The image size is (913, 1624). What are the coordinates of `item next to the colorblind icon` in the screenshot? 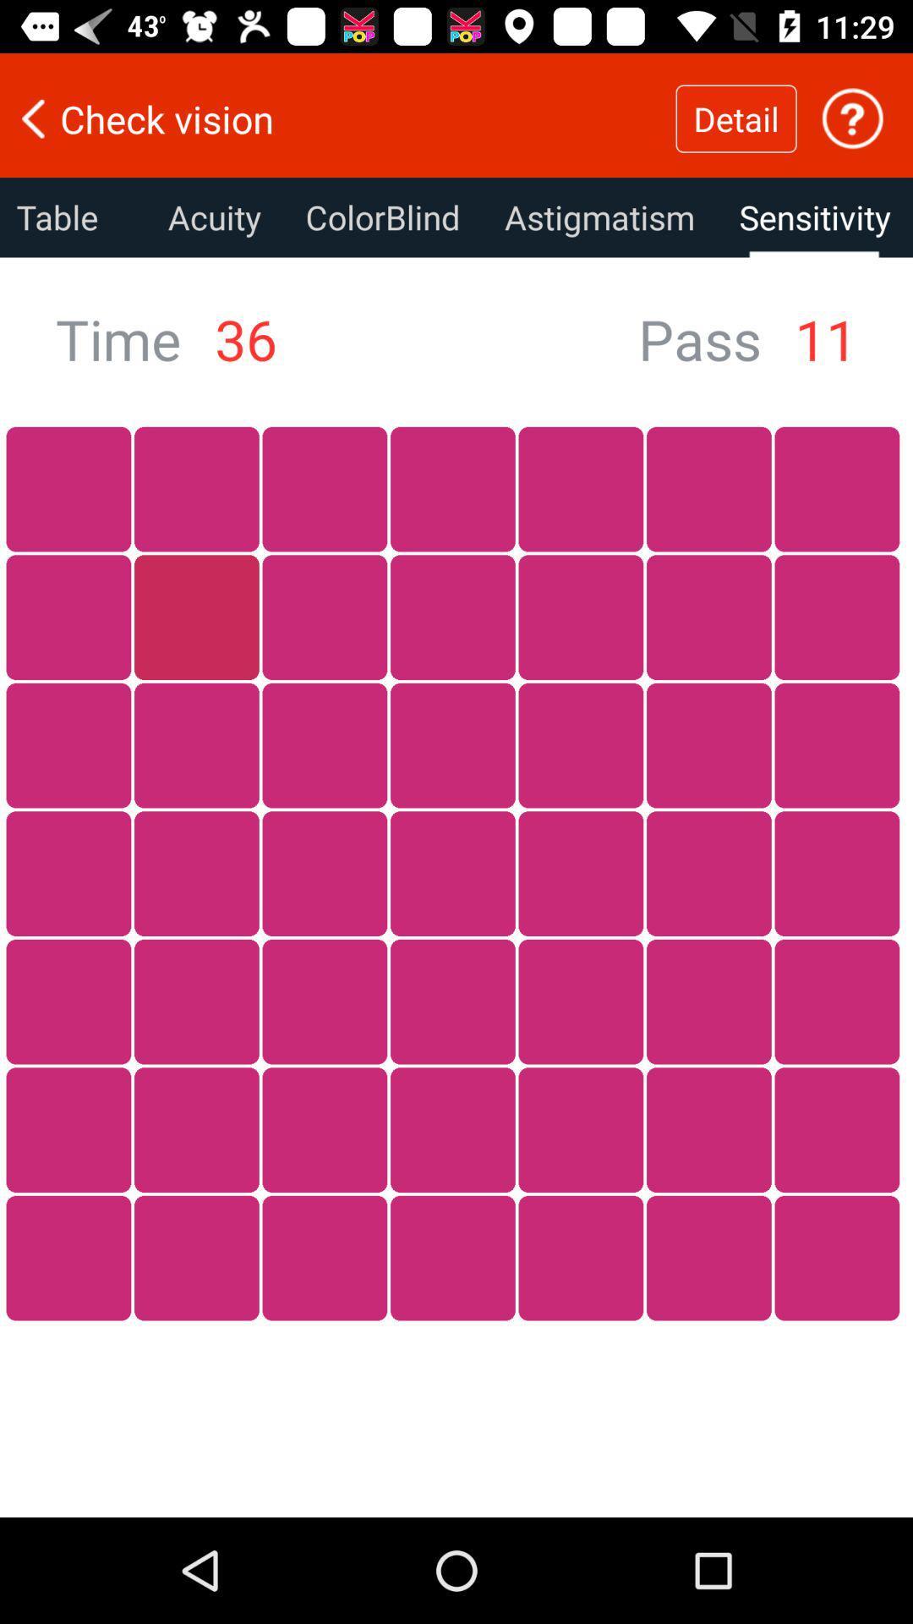 It's located at (599, 217).